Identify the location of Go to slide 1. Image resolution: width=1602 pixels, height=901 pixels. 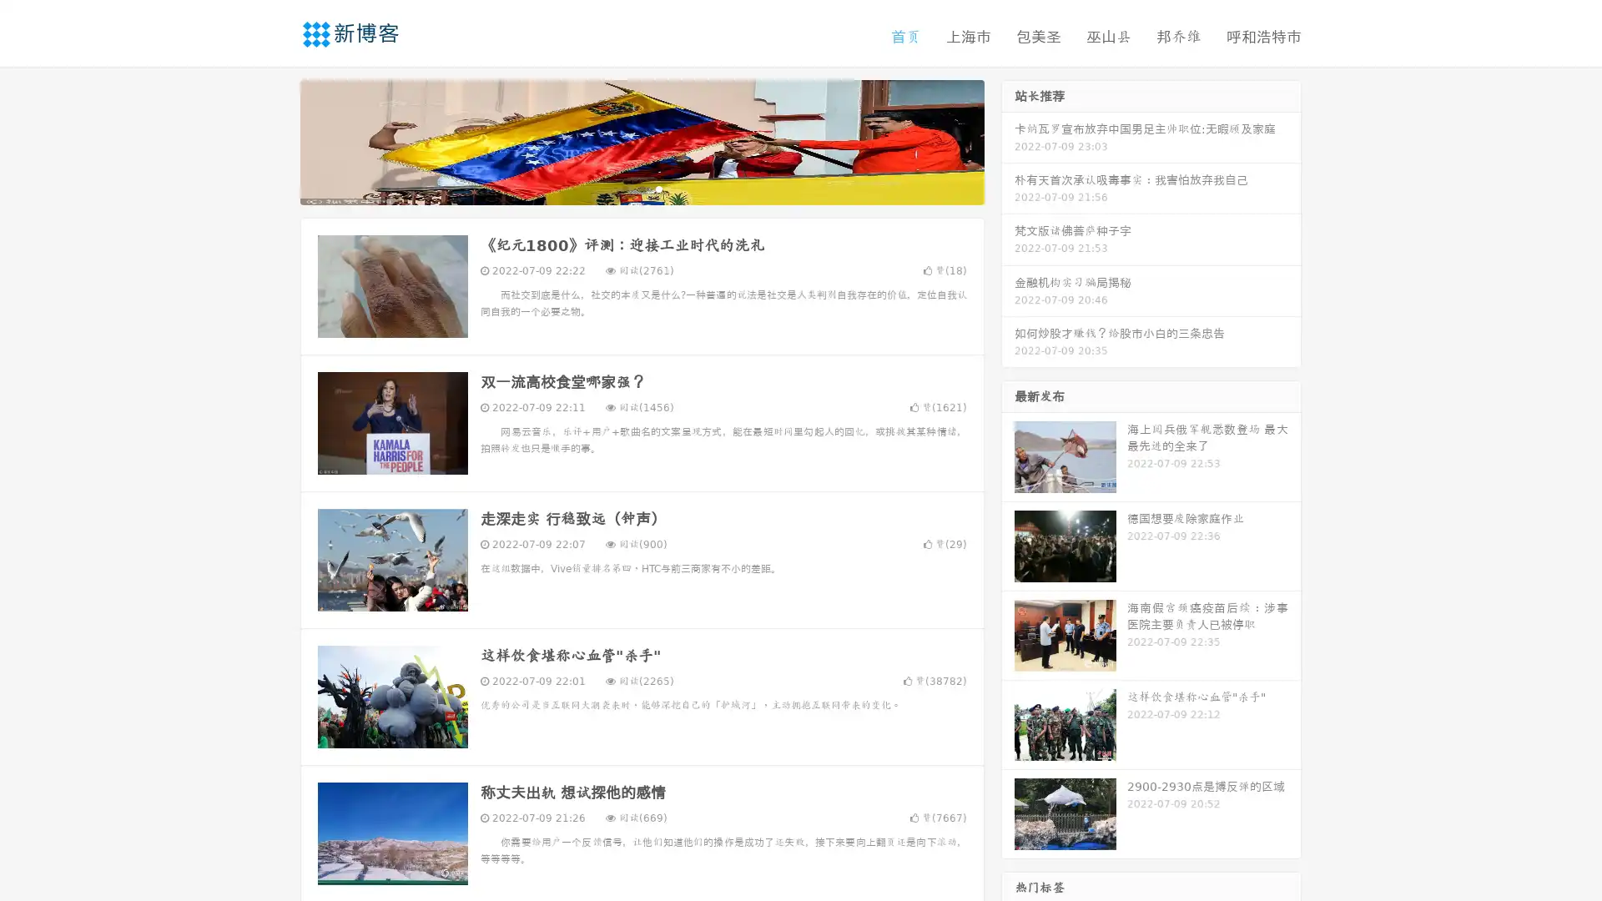
(624, 188).